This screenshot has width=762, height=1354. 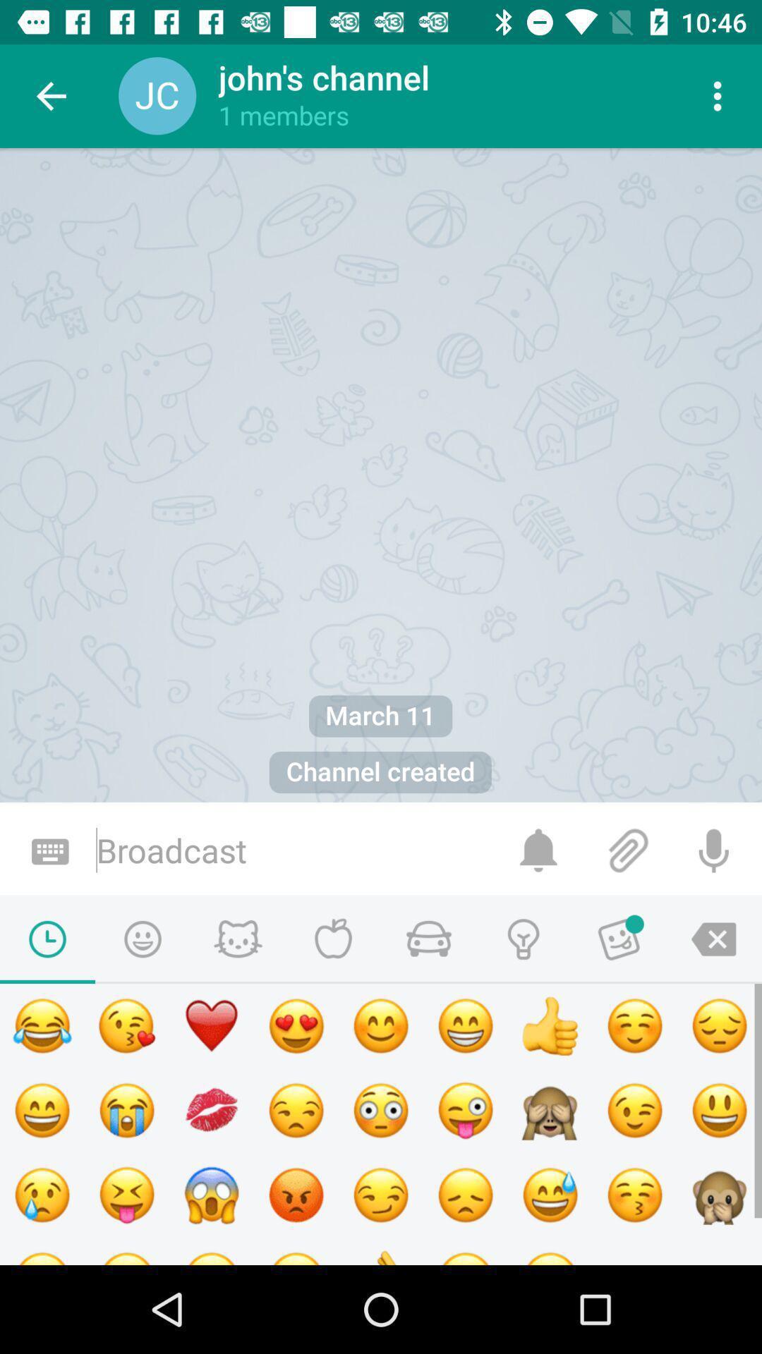 What do you see at coordinates (539, 849) in the screenshot?
I see `the notifications icon` at bounding box center [539, 849].